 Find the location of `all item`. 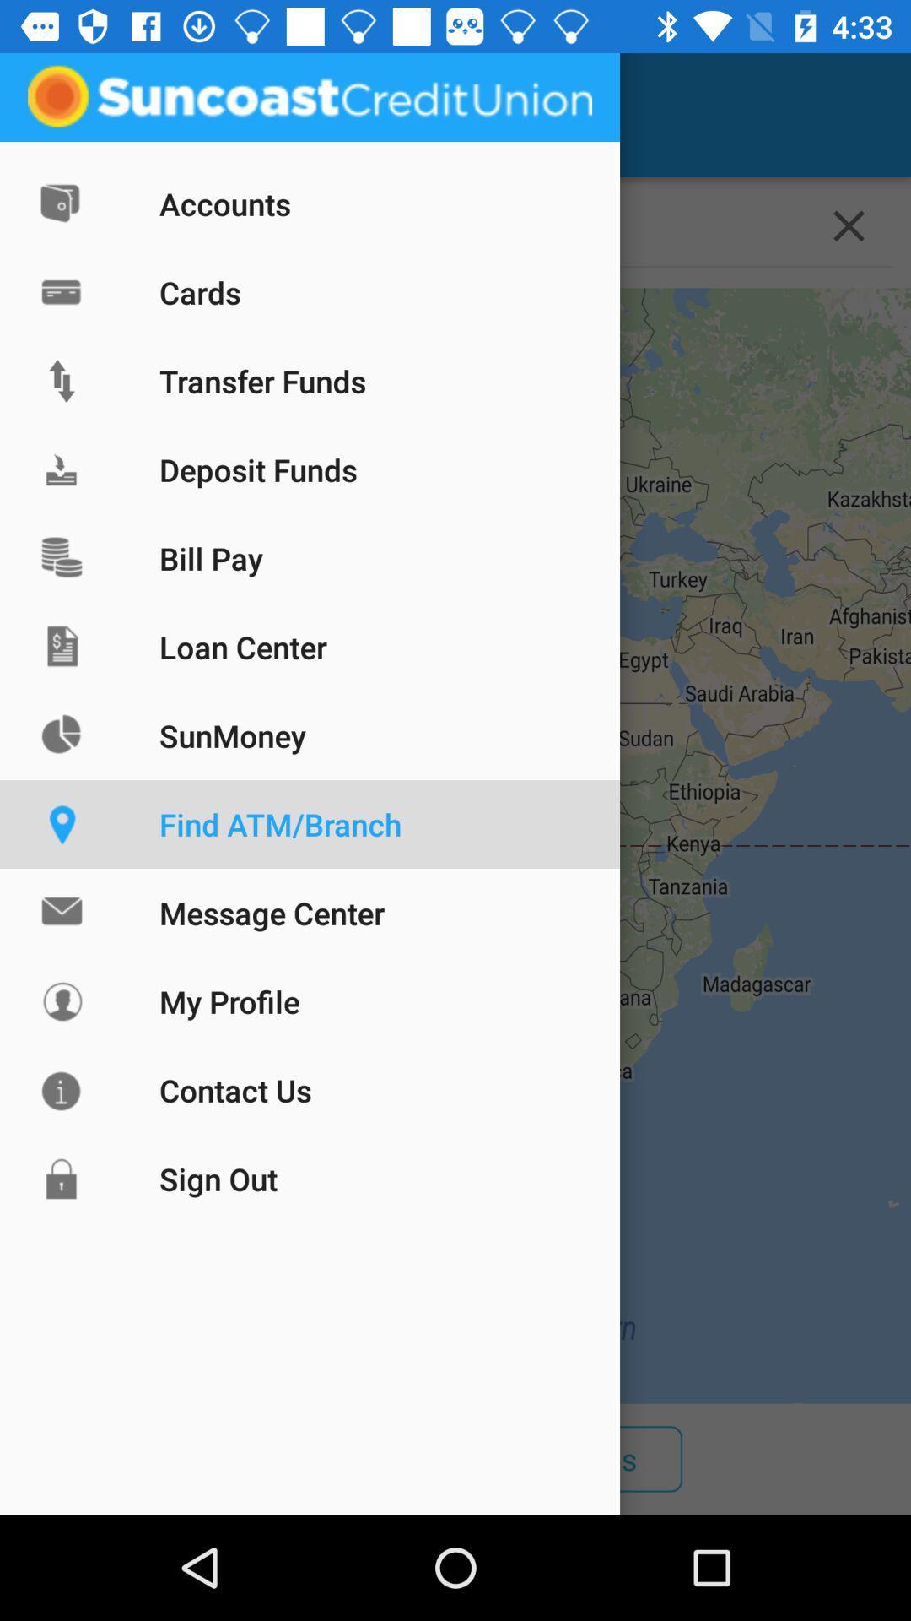

all item is located at coordinates (132, 1458).